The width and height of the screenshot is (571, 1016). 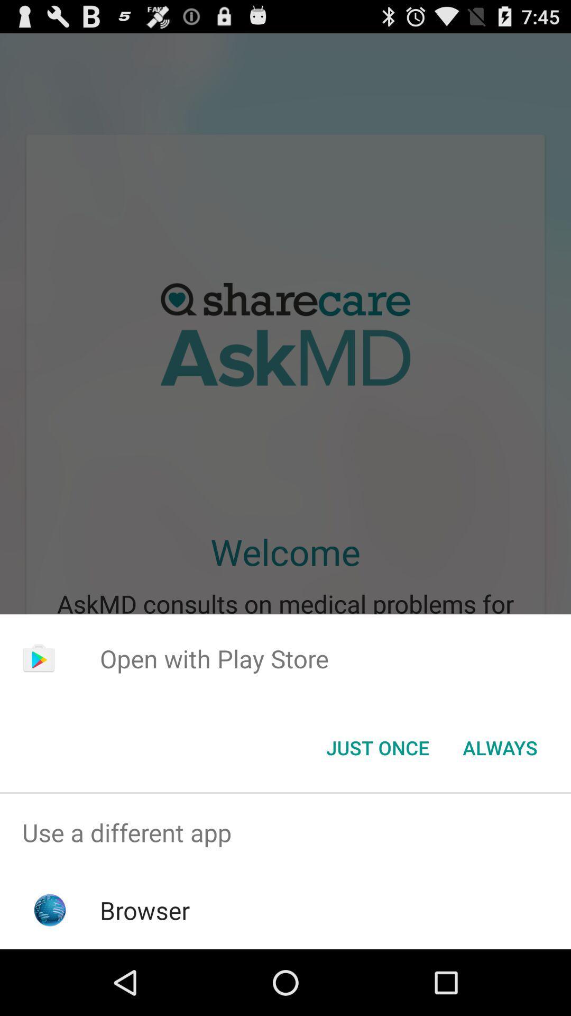 I want to click on browser item, so click(x=145, y=910).